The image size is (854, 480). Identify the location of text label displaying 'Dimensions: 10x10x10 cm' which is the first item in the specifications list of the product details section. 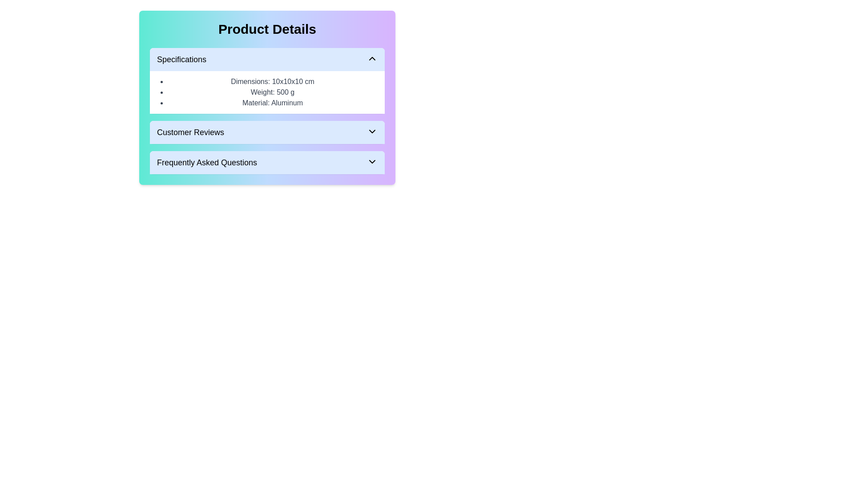
(272, 82).